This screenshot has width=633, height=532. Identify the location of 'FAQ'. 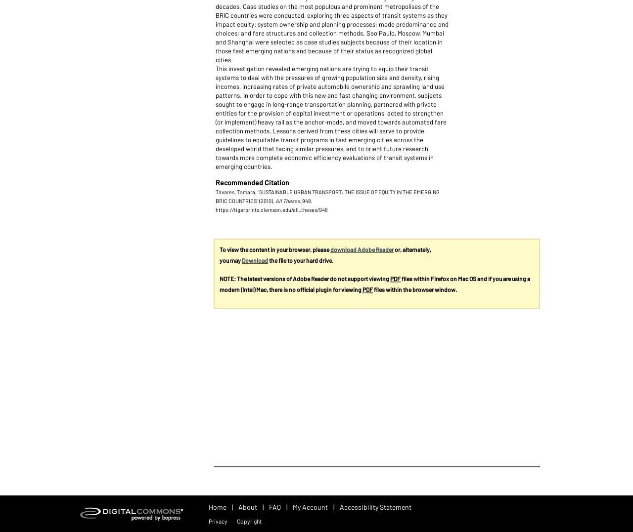
(275, 506).